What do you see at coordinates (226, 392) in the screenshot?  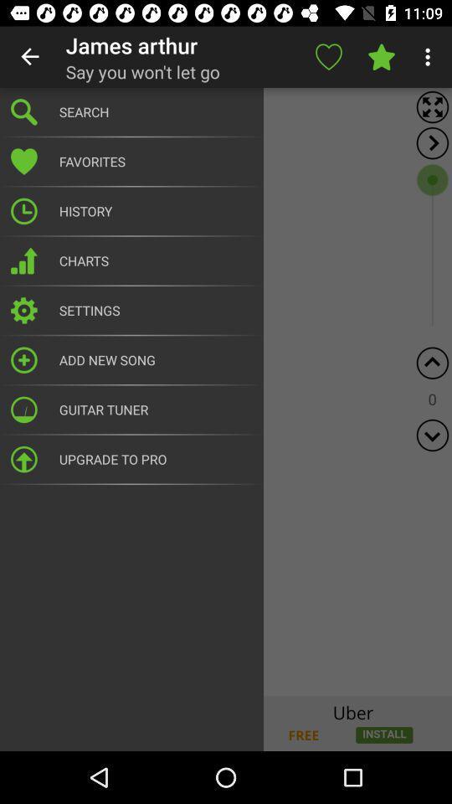 I see `the history of what you have looked at` at bounding box center [226, 392].